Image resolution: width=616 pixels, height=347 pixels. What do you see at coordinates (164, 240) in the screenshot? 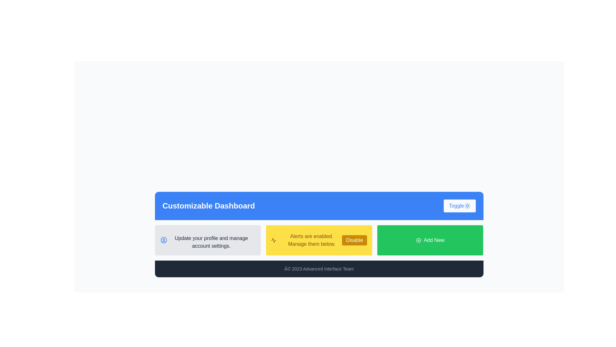
I see `the user-related actions icon located on the left side of the gray rectangular box that contains the text 'Update your profile and manage account settings.'` at bounding box center [164, 240].